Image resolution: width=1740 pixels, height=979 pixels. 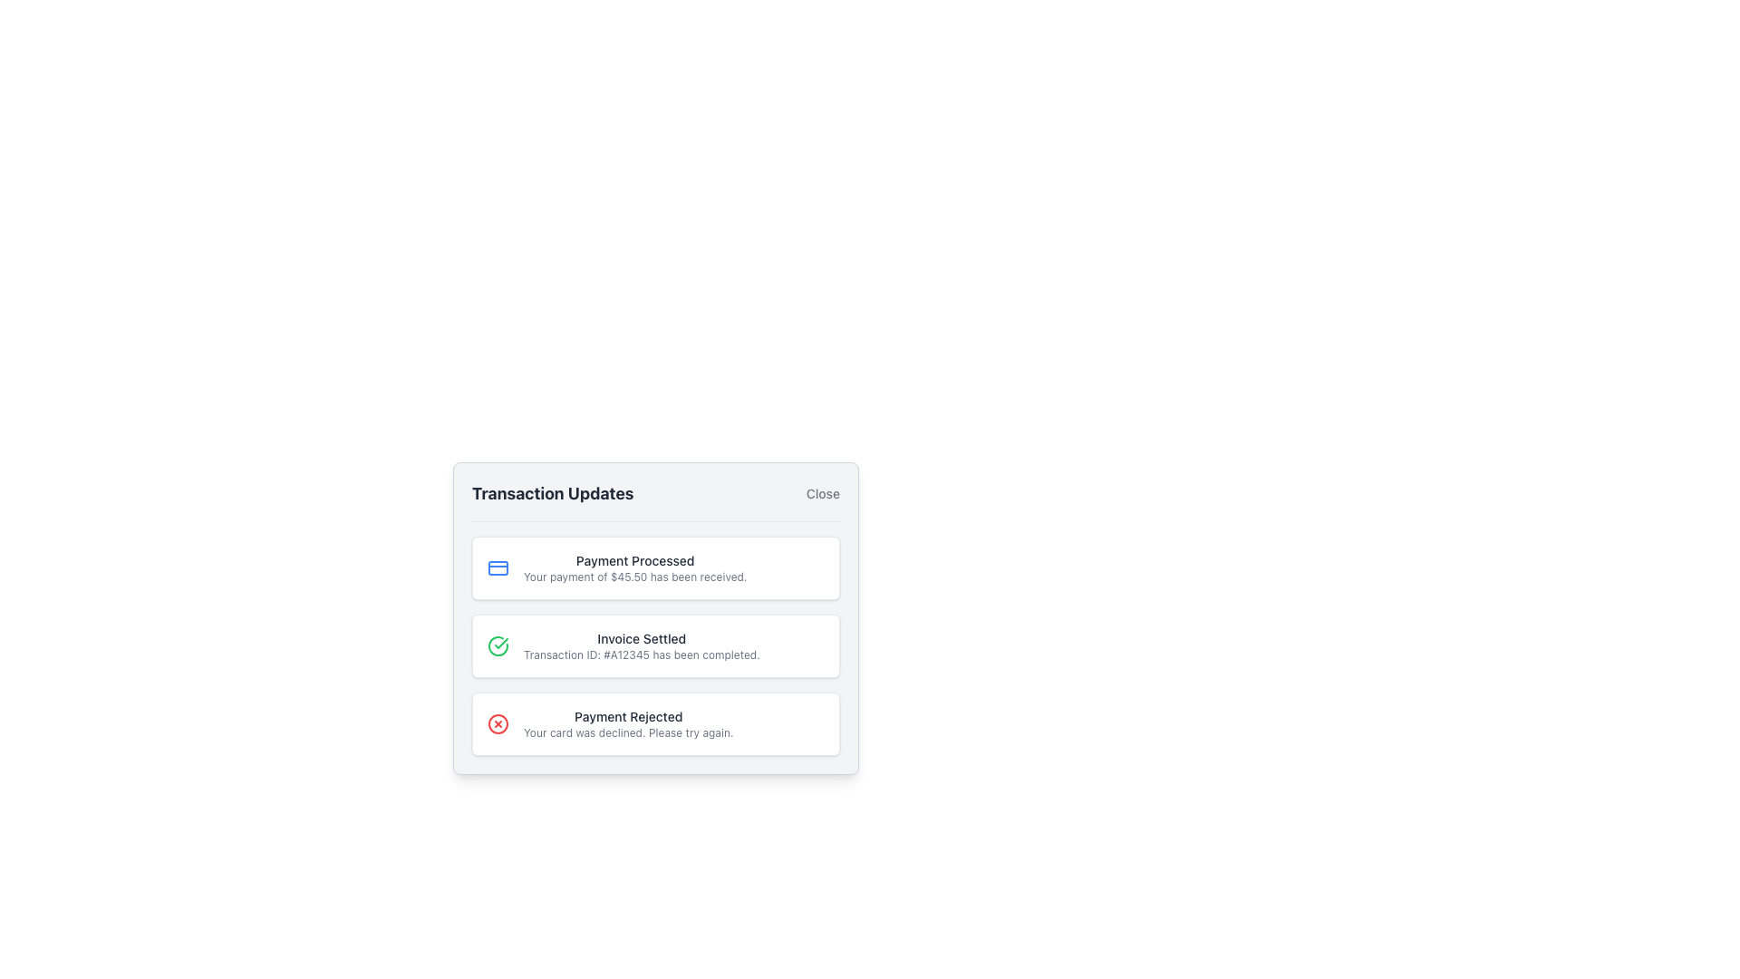 I want to click on the 'Payment Rejected' text in the third notification card, which is styled with a white background and rounded corners, displaying the message in bold, dark gray font, so click(x=628, y=715).